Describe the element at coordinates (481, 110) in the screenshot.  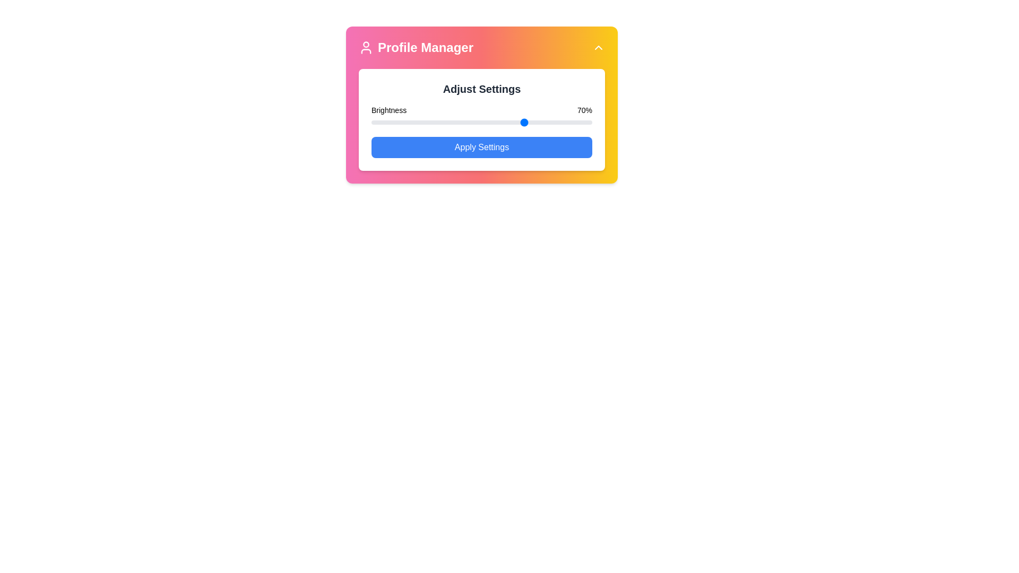
I see `information displayed on the label that shows 'Brightness 70%', which consists of the word 'Brightness' on the left and '70%' on the right, located above the slider in the 'Adjust Settings' card` at that location.